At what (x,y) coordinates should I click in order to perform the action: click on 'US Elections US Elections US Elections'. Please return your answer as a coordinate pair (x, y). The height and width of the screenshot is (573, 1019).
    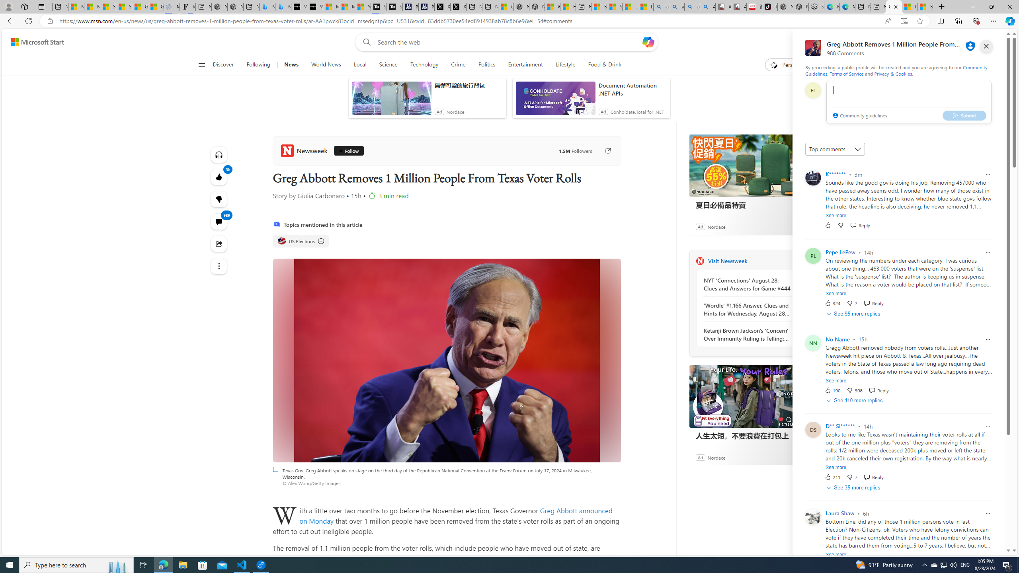
    Looking at the image, I should click on (301, 241).